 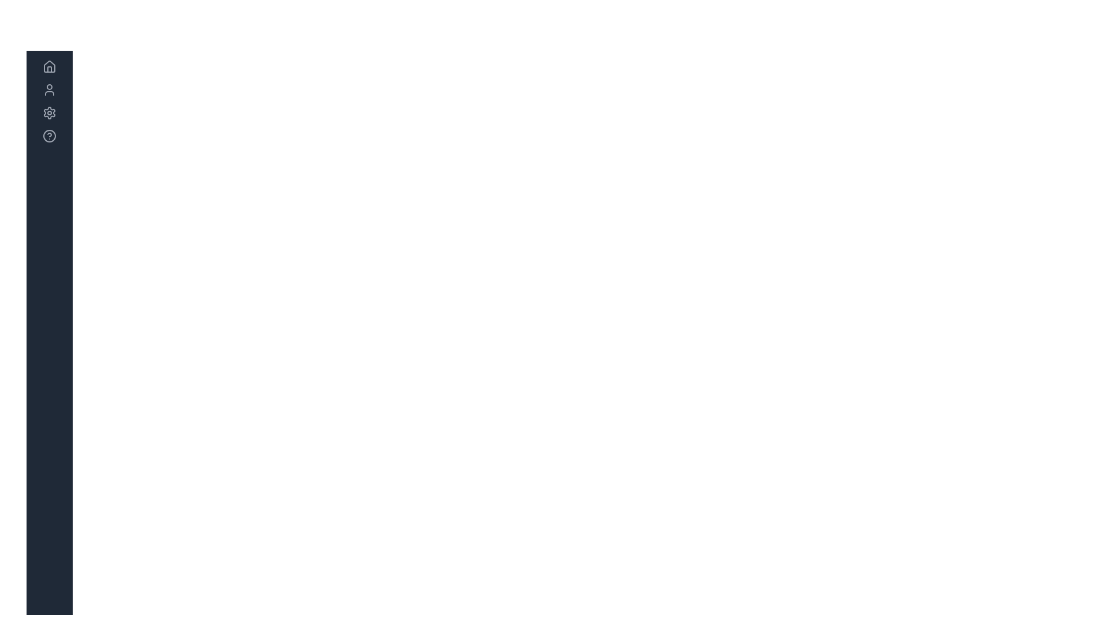 I want to click on the gear icon in the left sidebar menu, which is the third item below the user profile icon and above the question mark icon, to manage preferences, so click(x=49, y=113).